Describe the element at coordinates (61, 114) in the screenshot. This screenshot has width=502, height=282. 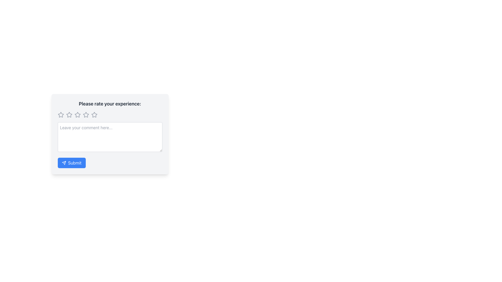
I see `the first star icon in the rating system` at that location.